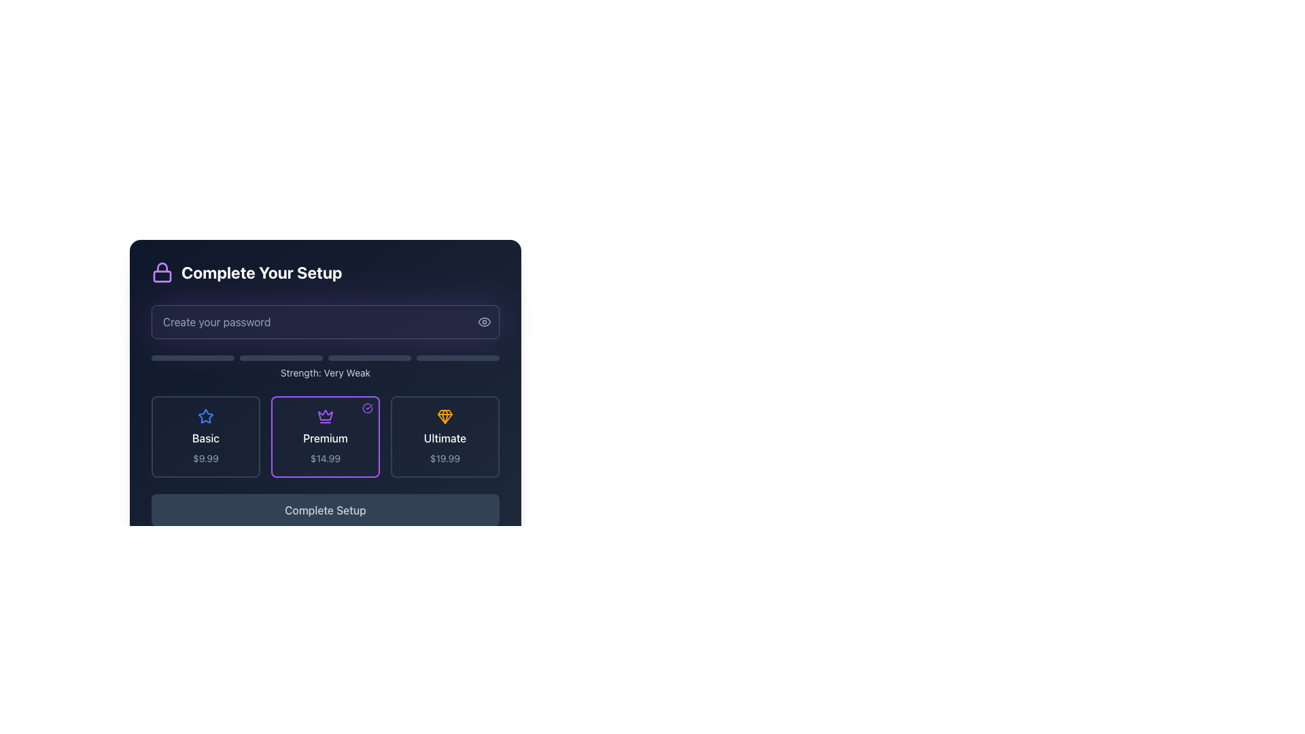 This screenshot has width=1305, height=734. Describe the element at coordinates (325, 438) in the screenshot. I see `the 'Premium' text label element, which is styled with a white medium-weight font and positioned within the subscription plan card, located below the crown icon and above the price label ($14.99)` at that location.